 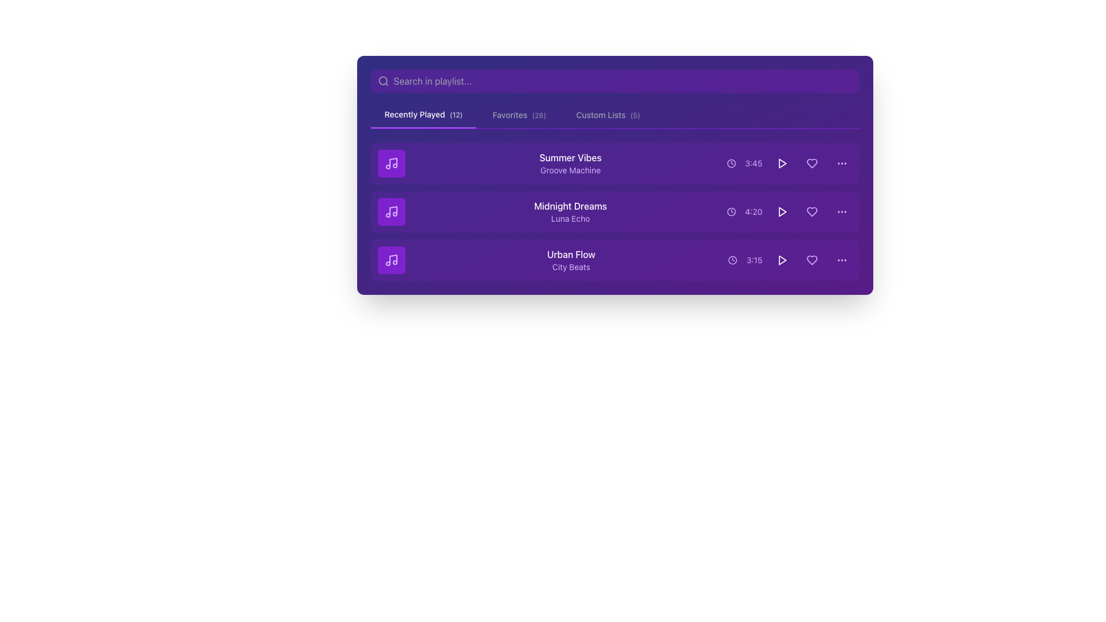 I want to click on faded text number '(28)' displayed next to the 'Favorites' label in the horizontal menu bar, so click(x=538, y=115).